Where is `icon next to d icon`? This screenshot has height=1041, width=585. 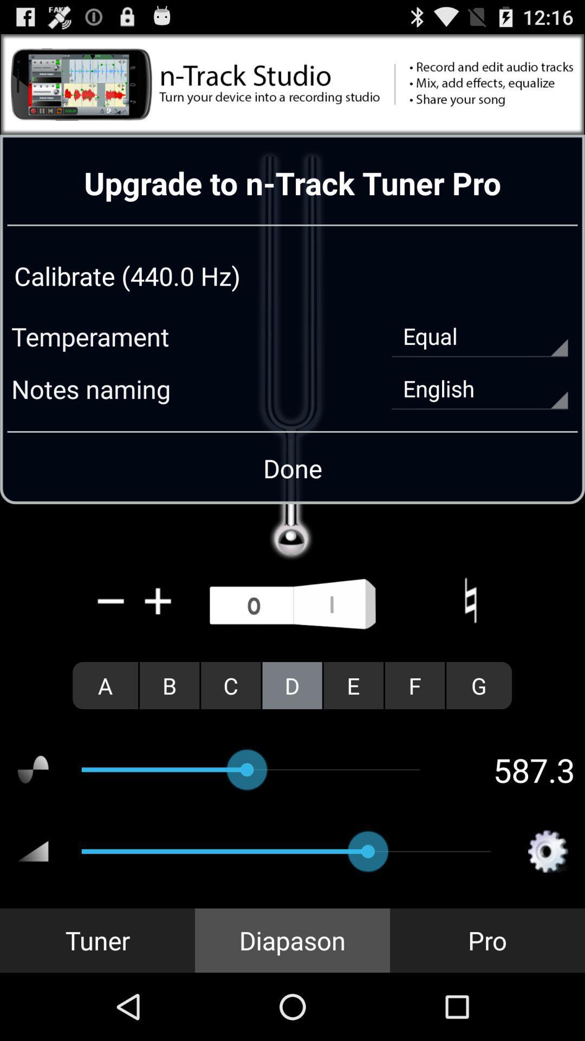
icon next to d icon is located at coordinates (353, 685).